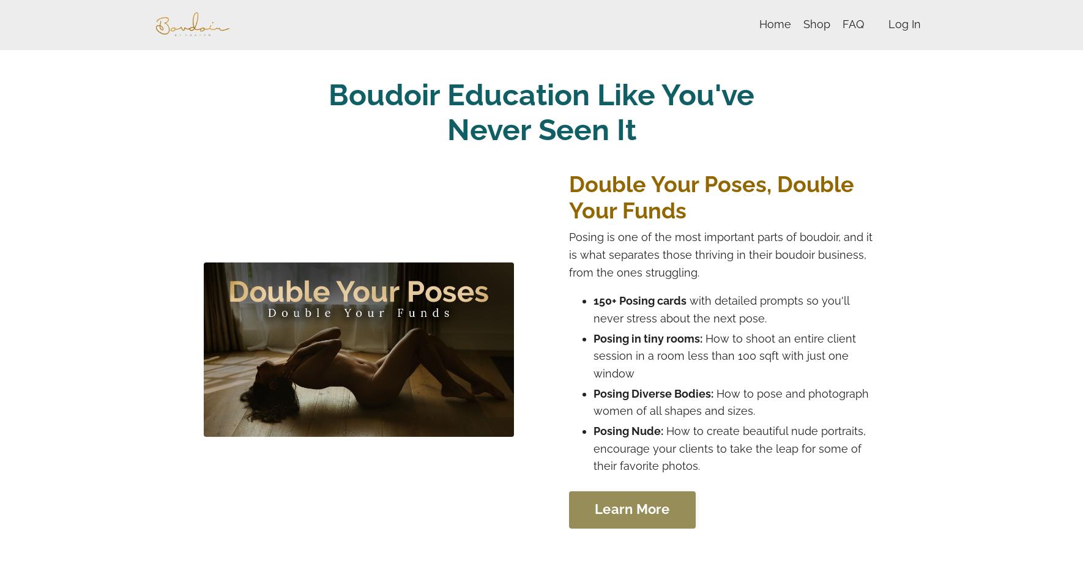 Image resolution: width=1083 pixels, height=569 pixels. Describe the element at coordinates (627, 430) in the screenshot. I see `'Posing Nude:'` at that location.